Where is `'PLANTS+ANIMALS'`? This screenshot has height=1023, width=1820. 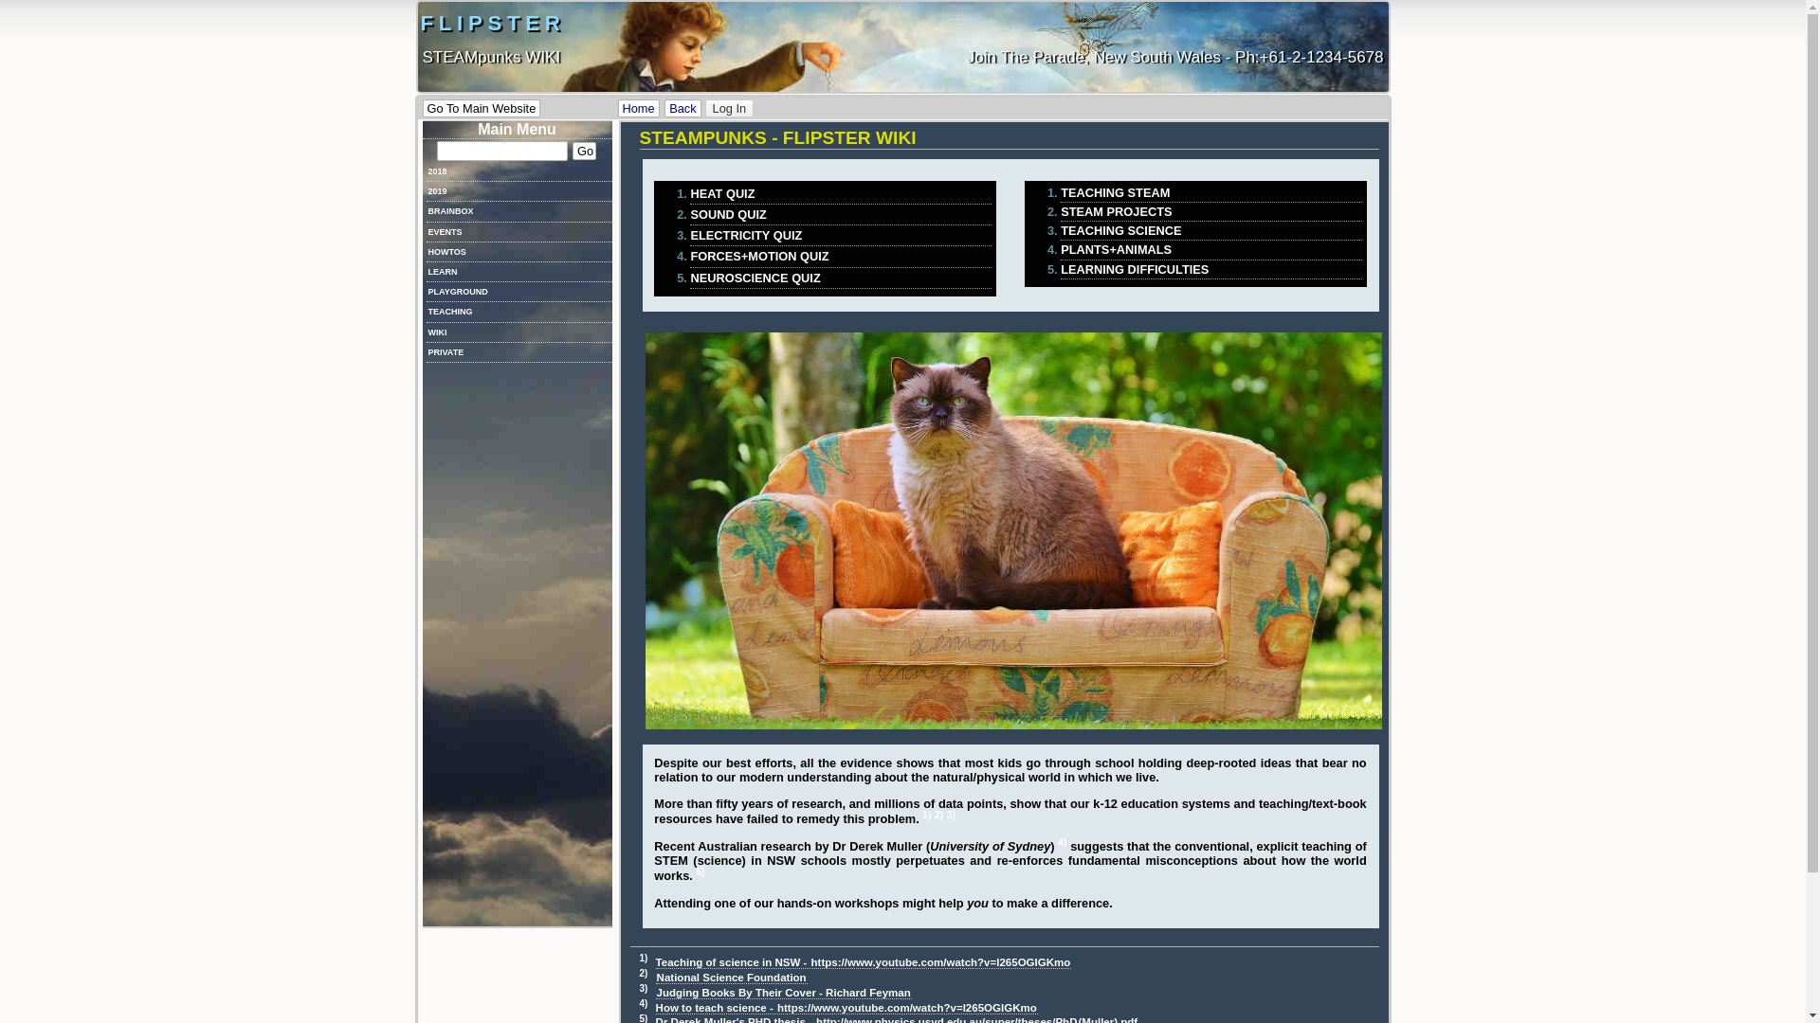 'PLANTS+ANIMALS' is located at coordinates (1059, 248).